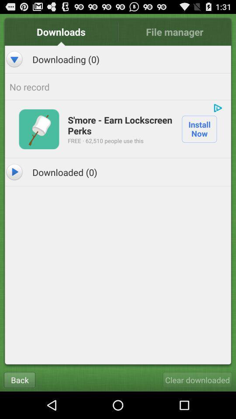 This screenshot has height=419, width=236. Describe the element at coordinates (61, 31) in the screenshot. I see `the app above the downloading (0) item` at that location.